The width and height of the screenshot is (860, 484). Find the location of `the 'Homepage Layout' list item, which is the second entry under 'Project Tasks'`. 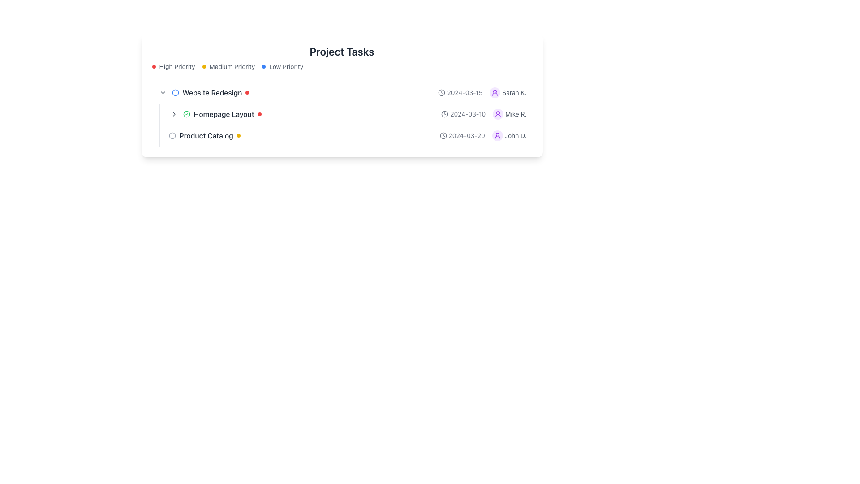

the 'Homepage Layout' list item, which is the second entry under 'Project Tasks' is located at coordinates (345, 125).